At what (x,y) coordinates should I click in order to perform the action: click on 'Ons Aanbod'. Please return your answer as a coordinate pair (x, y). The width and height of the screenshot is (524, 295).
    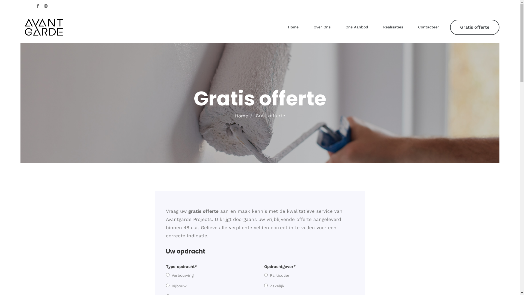
    Looking at the image, I should click on (357, 27).